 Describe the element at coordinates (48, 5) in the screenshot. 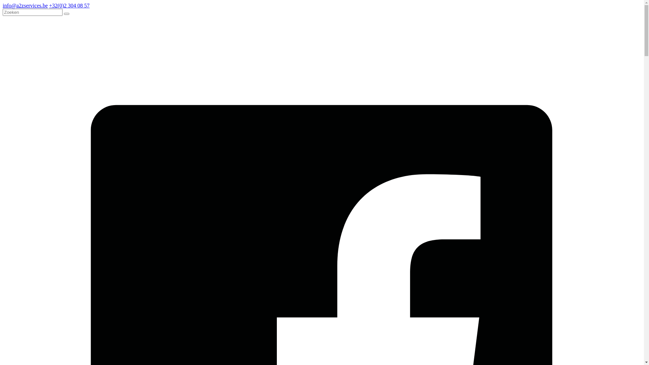

I see `'+32(0)2 304 08 57'` at that location.